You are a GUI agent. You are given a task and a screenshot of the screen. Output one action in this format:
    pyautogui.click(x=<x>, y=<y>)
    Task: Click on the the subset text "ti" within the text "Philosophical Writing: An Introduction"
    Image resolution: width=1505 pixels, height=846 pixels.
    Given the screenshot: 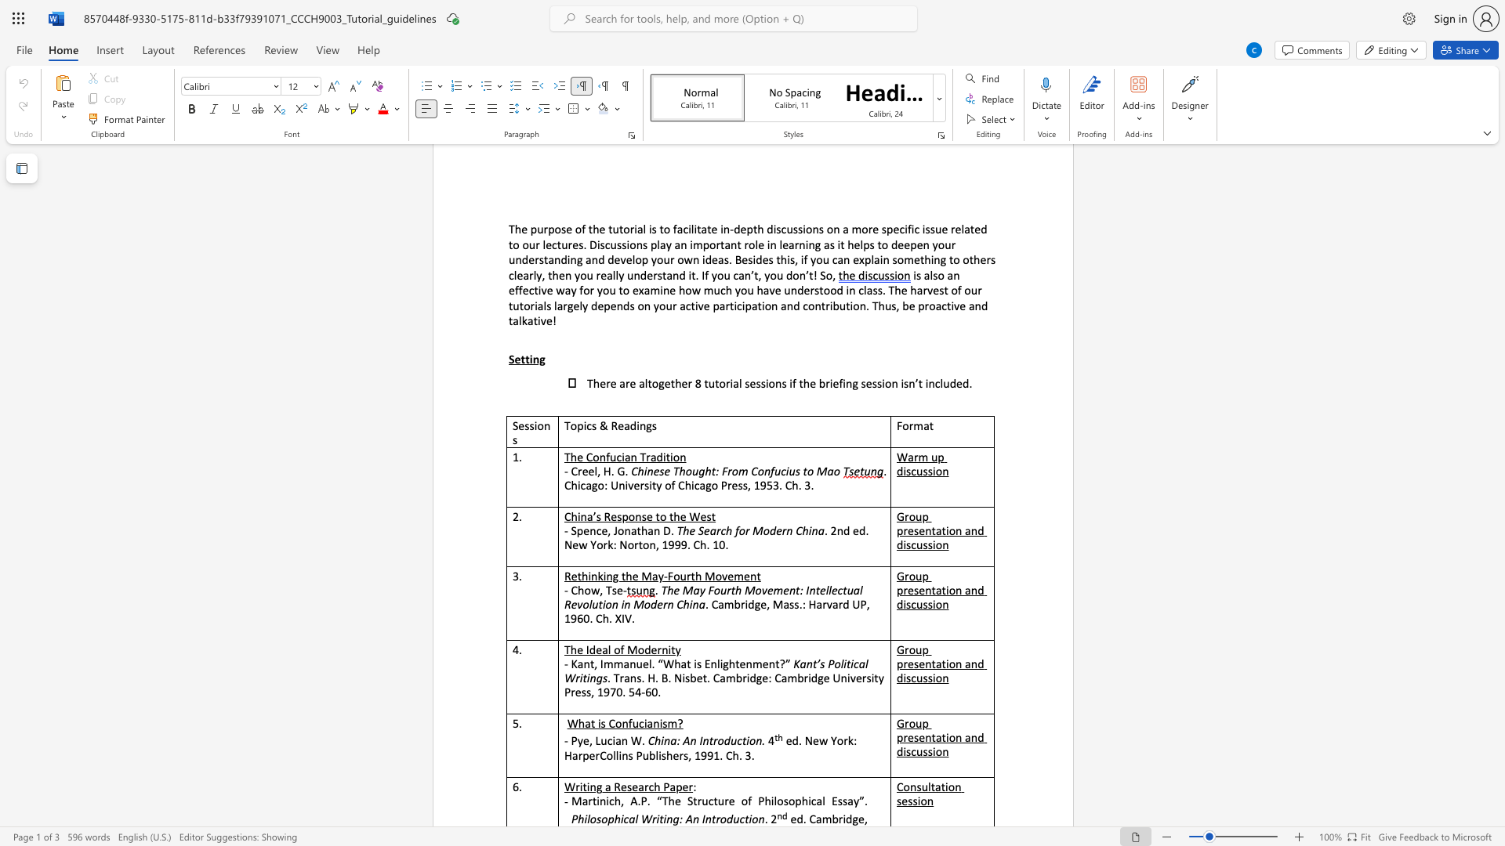 What is the action you would take?
    pyautogui.click(x=659, y=818)
    